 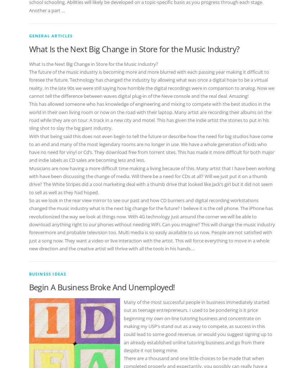 I want to click on 'Begin A Business Broke And Unemployed!', so click(x=101, y=287).